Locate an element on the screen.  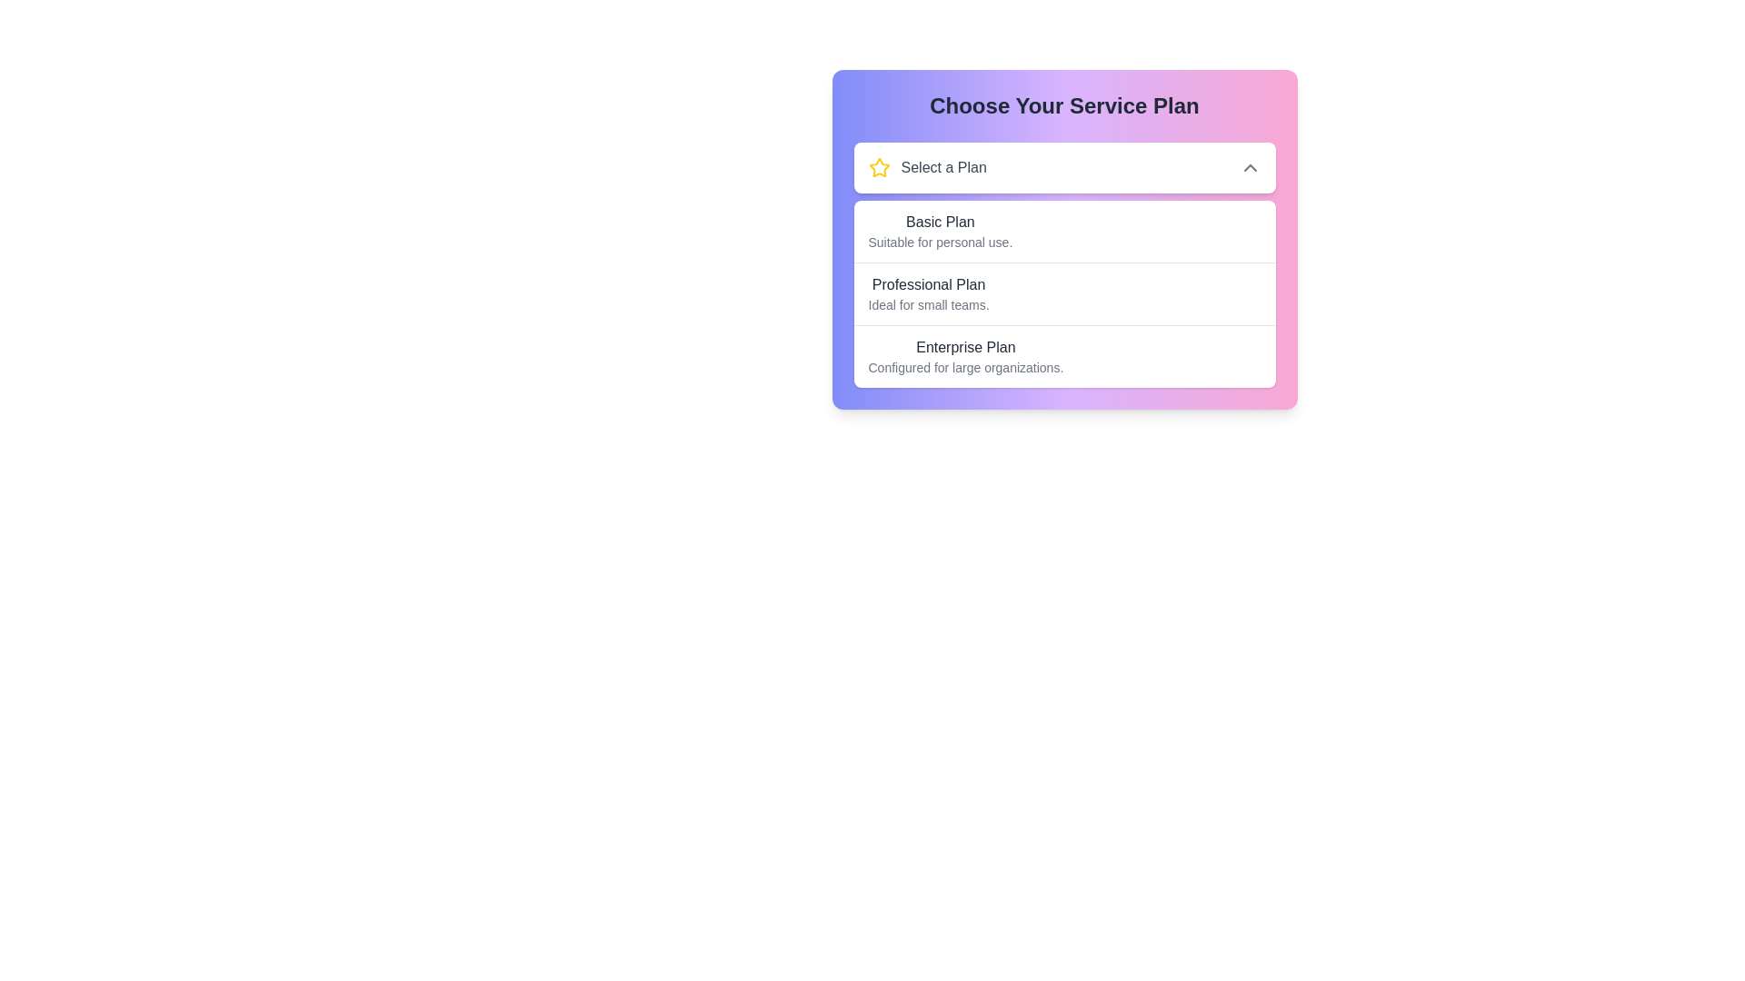
text of the 'Professional Plan' menu item, which is the second option in the dropdown menu labeled 'Choose Your Service Plan' is located at coordinates (929, 293).